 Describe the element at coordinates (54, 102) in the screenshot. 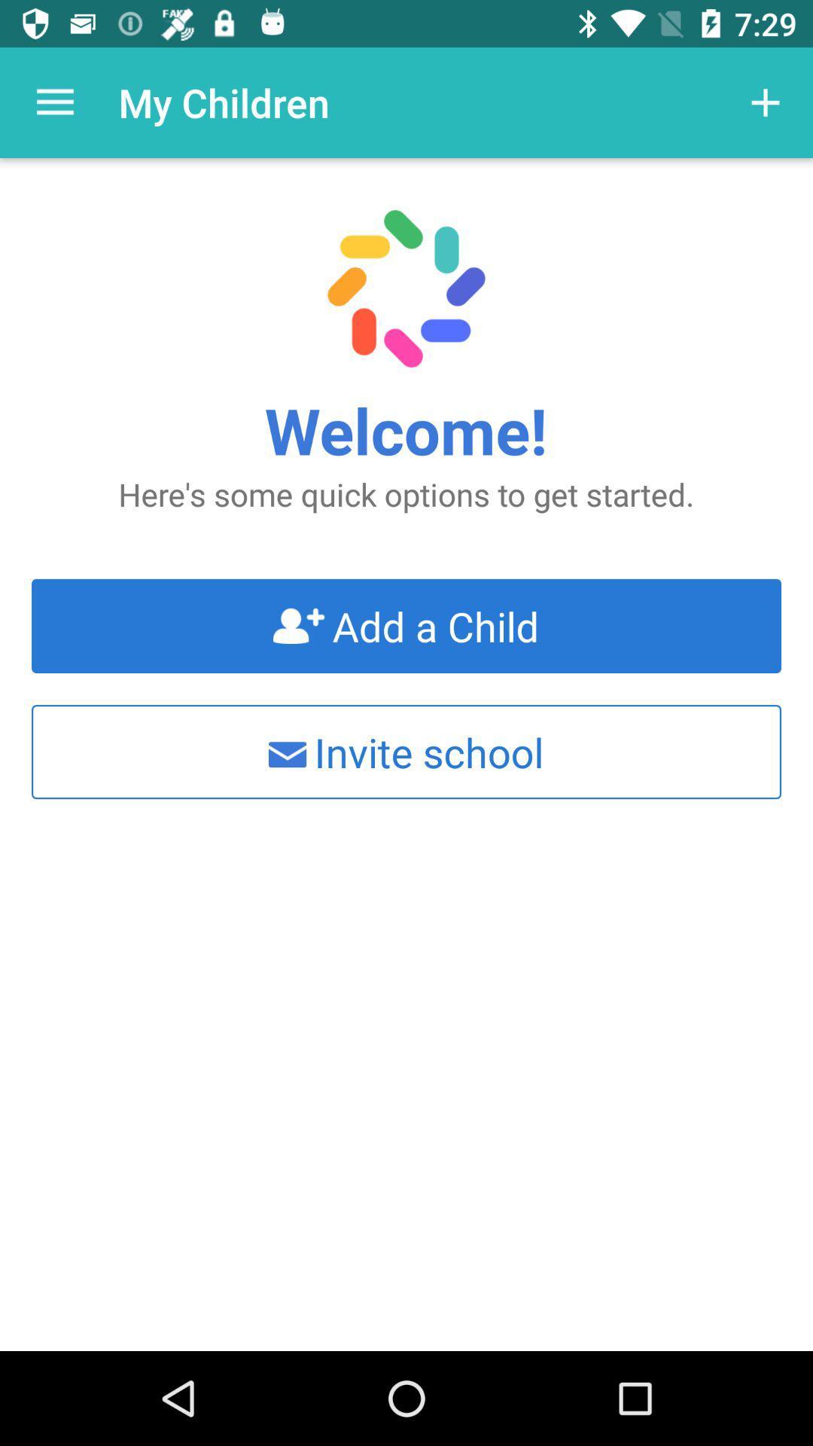

I see `item next to my children icon` at that location.